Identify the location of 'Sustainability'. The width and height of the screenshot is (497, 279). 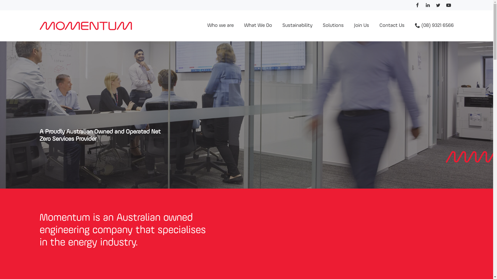
(277, 26).